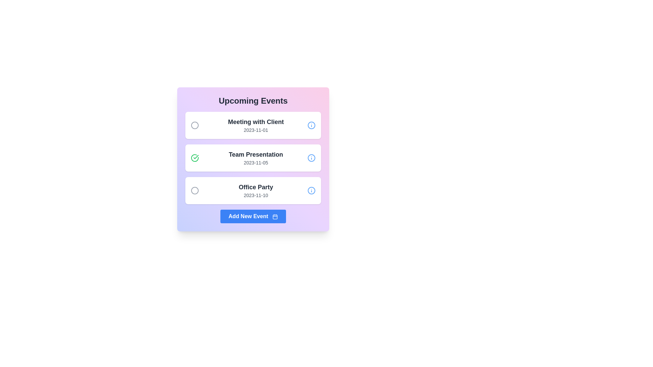 Image resolution: width=653 pixels, height=367 pixels. What do you see at coordinates (255, 125) in the screenshot?
I see `the first Text Label with Metadata representing an event entry under the 'Upcoming Events' heading, which displays a title and a date` at bounding box center [255, 125].